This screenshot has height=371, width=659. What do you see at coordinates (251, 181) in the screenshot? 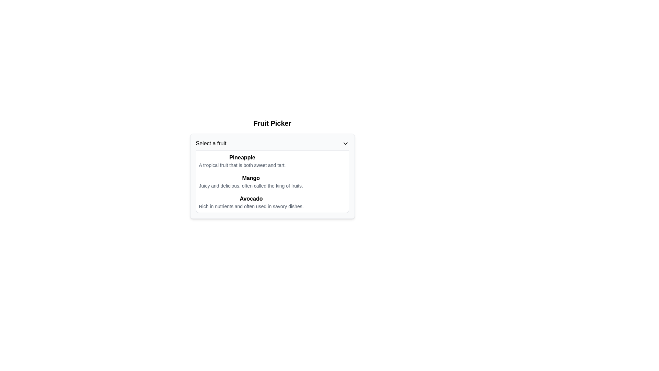
I see `text item representing 'Mango' in the fruit selection dropdown, which is located in the center column, below 'Pineapple' and above 'Avocado'` at bounding box center [251, 181].